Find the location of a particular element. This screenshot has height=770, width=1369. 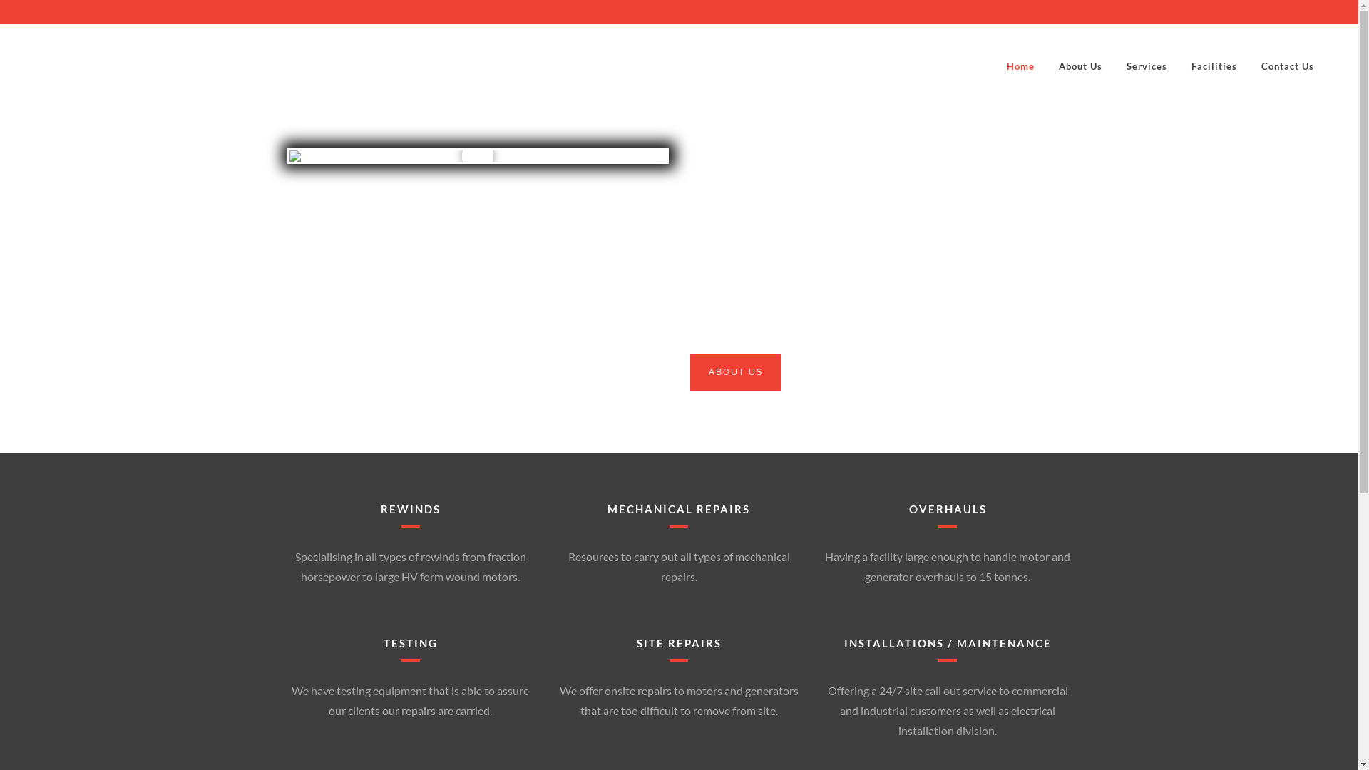

'Services' is located at coordinates (1147, 66).